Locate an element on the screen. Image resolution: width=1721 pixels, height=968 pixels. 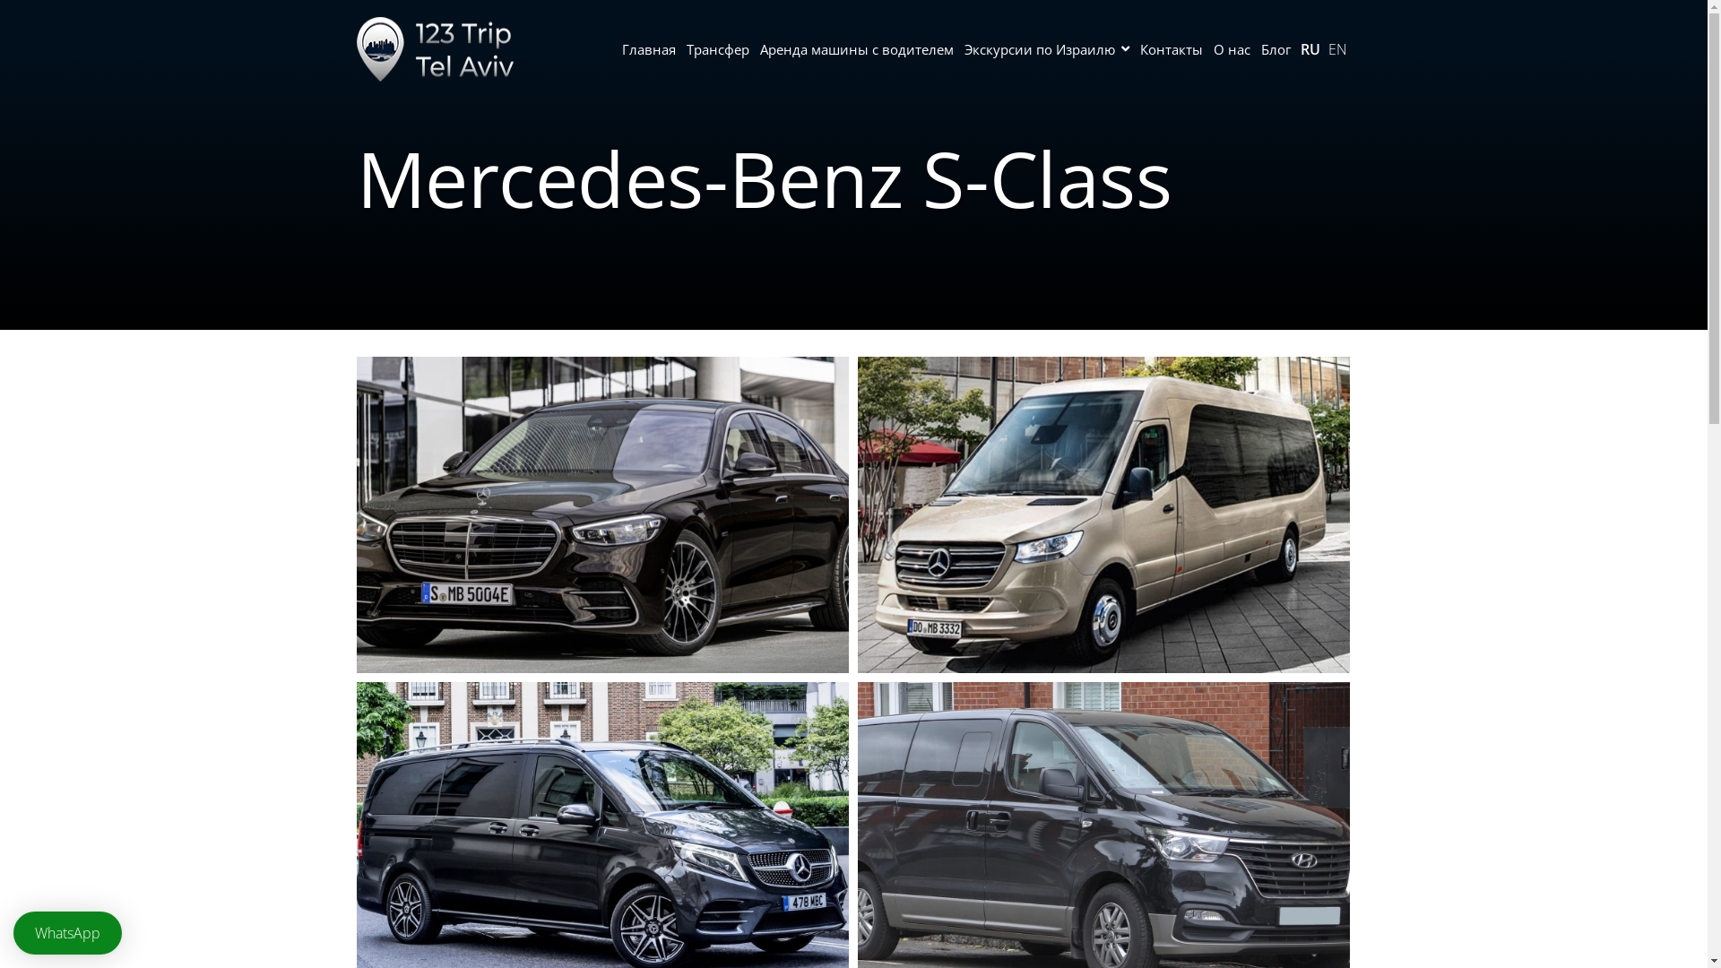
'RU' is located at coordinates (1309, 48).